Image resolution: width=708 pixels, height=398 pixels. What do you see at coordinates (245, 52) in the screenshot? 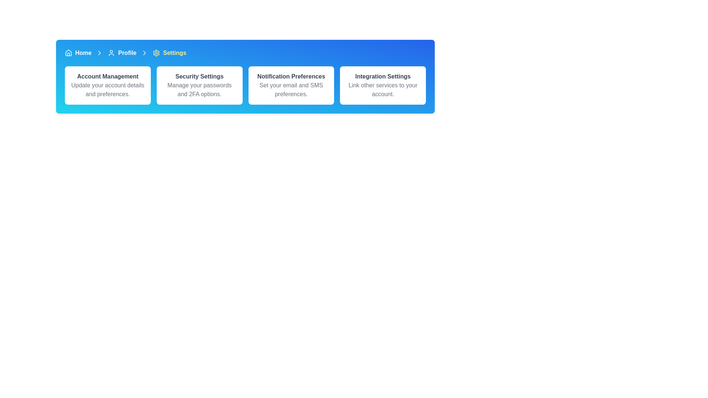
I see `the breadcrumb navigation bar` at bounding box center [245, 52].